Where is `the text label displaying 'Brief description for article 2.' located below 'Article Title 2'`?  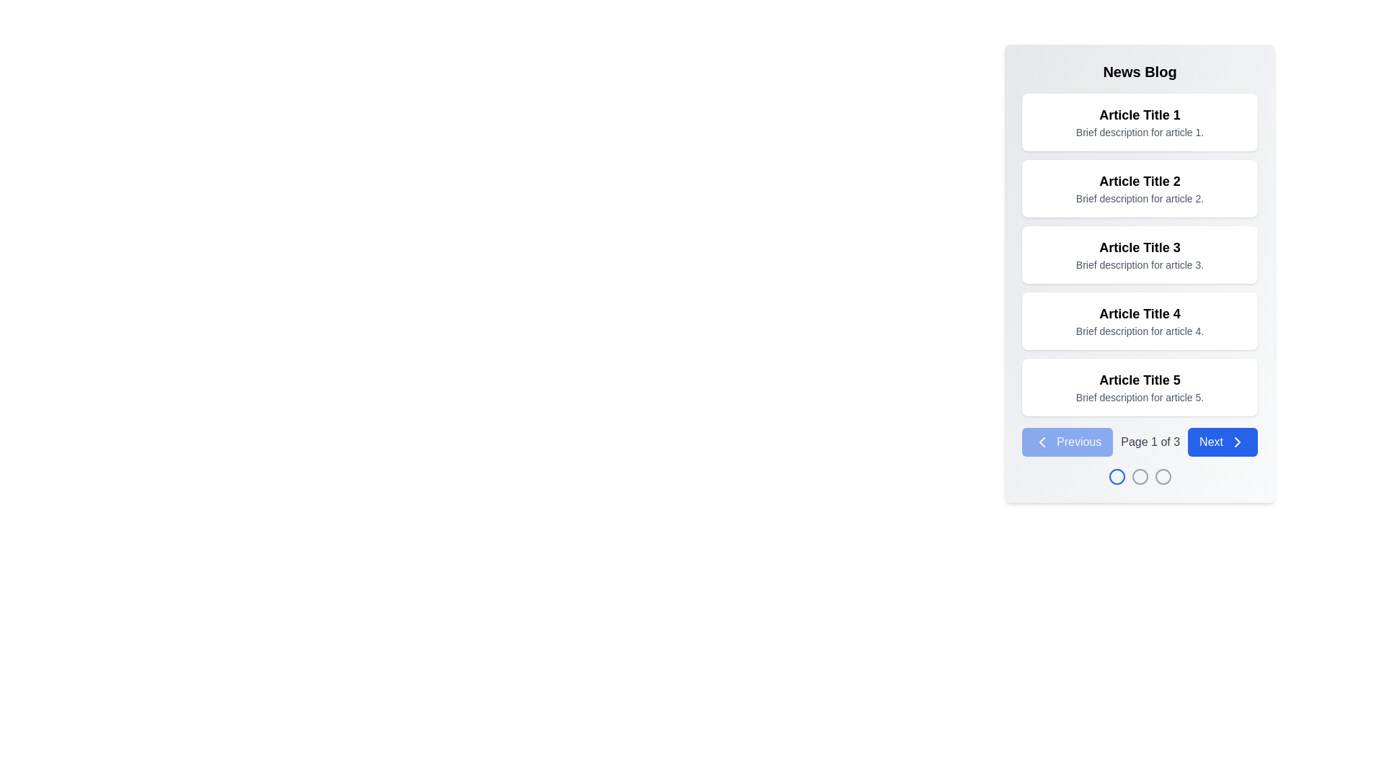 the text label displaying 'Brief description for article 2.' located below 'Article Title 2' is located at coordinates (1139, 199).